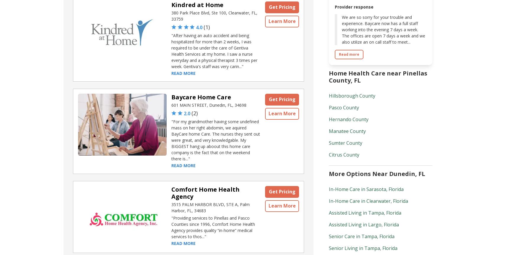  I want to click on 'Provider response', so click(354, 6).